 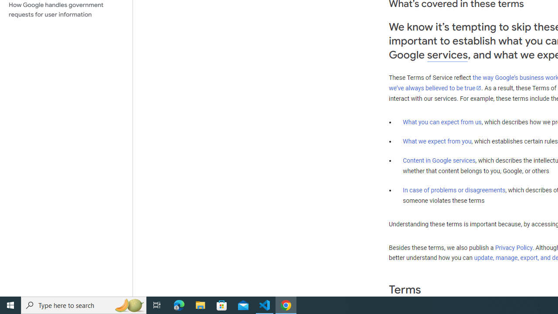 What do you see at coordinates (447, 55) in the screenshot?
I see `'services'` at bounding box center [447, 55].